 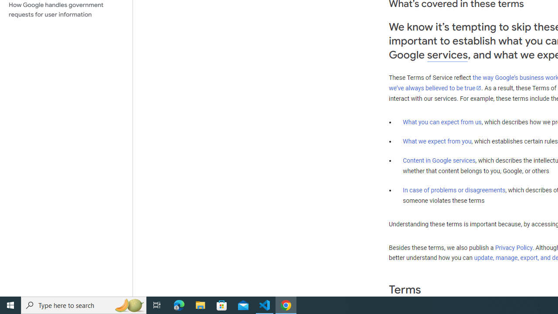 What do you see at coordinates (447, 55) in the screenshot?
I see `'services'` at bounding box center [447, 55].